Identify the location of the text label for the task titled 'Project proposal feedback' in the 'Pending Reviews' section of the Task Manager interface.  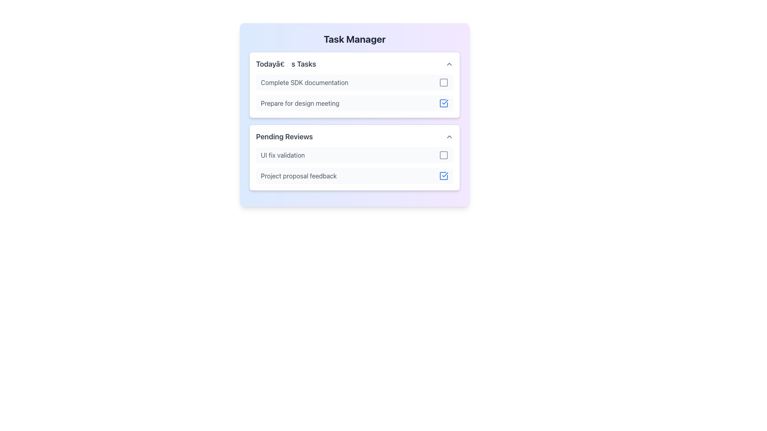
(298, 175).